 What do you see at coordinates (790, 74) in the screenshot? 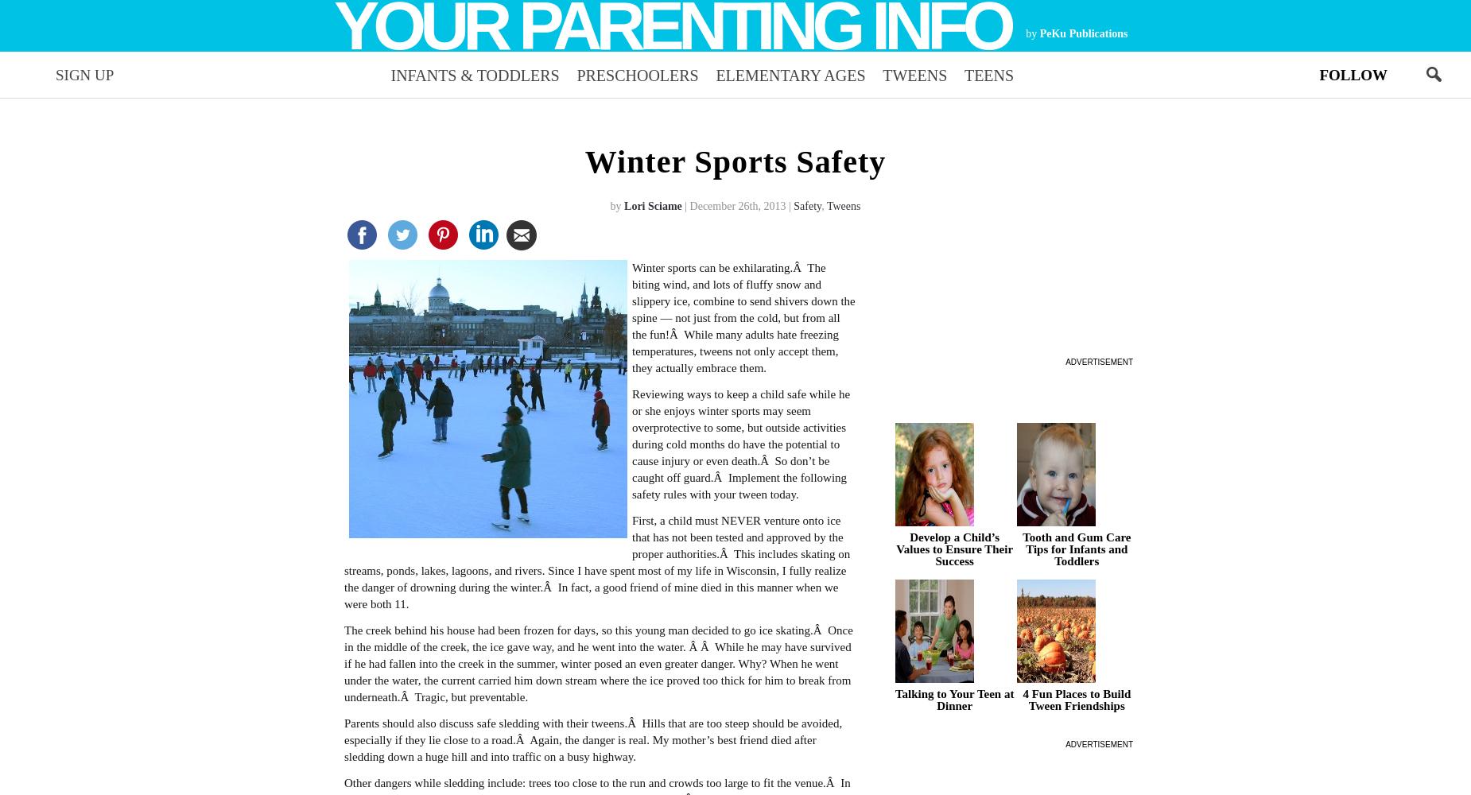
I see `'Elementary Ages'` at bounding box center [790, 74].